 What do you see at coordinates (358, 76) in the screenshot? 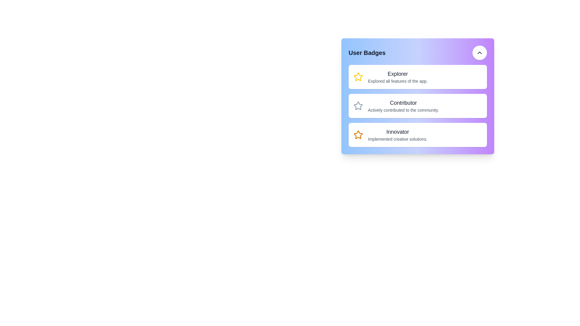
I see `the 'Explorer' badge icon, which represents an achievement or milestone in the user badge panel` at bounding box center [358, 76].